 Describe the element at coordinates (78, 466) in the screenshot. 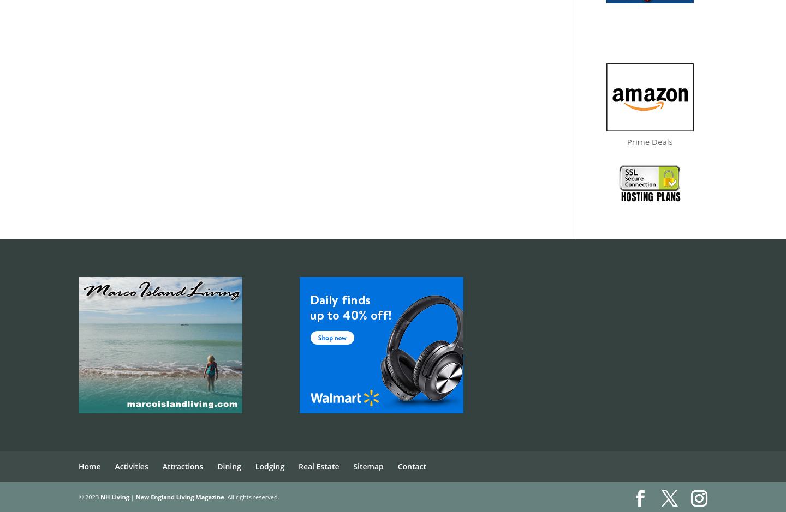

I see `'Home'` at that location.